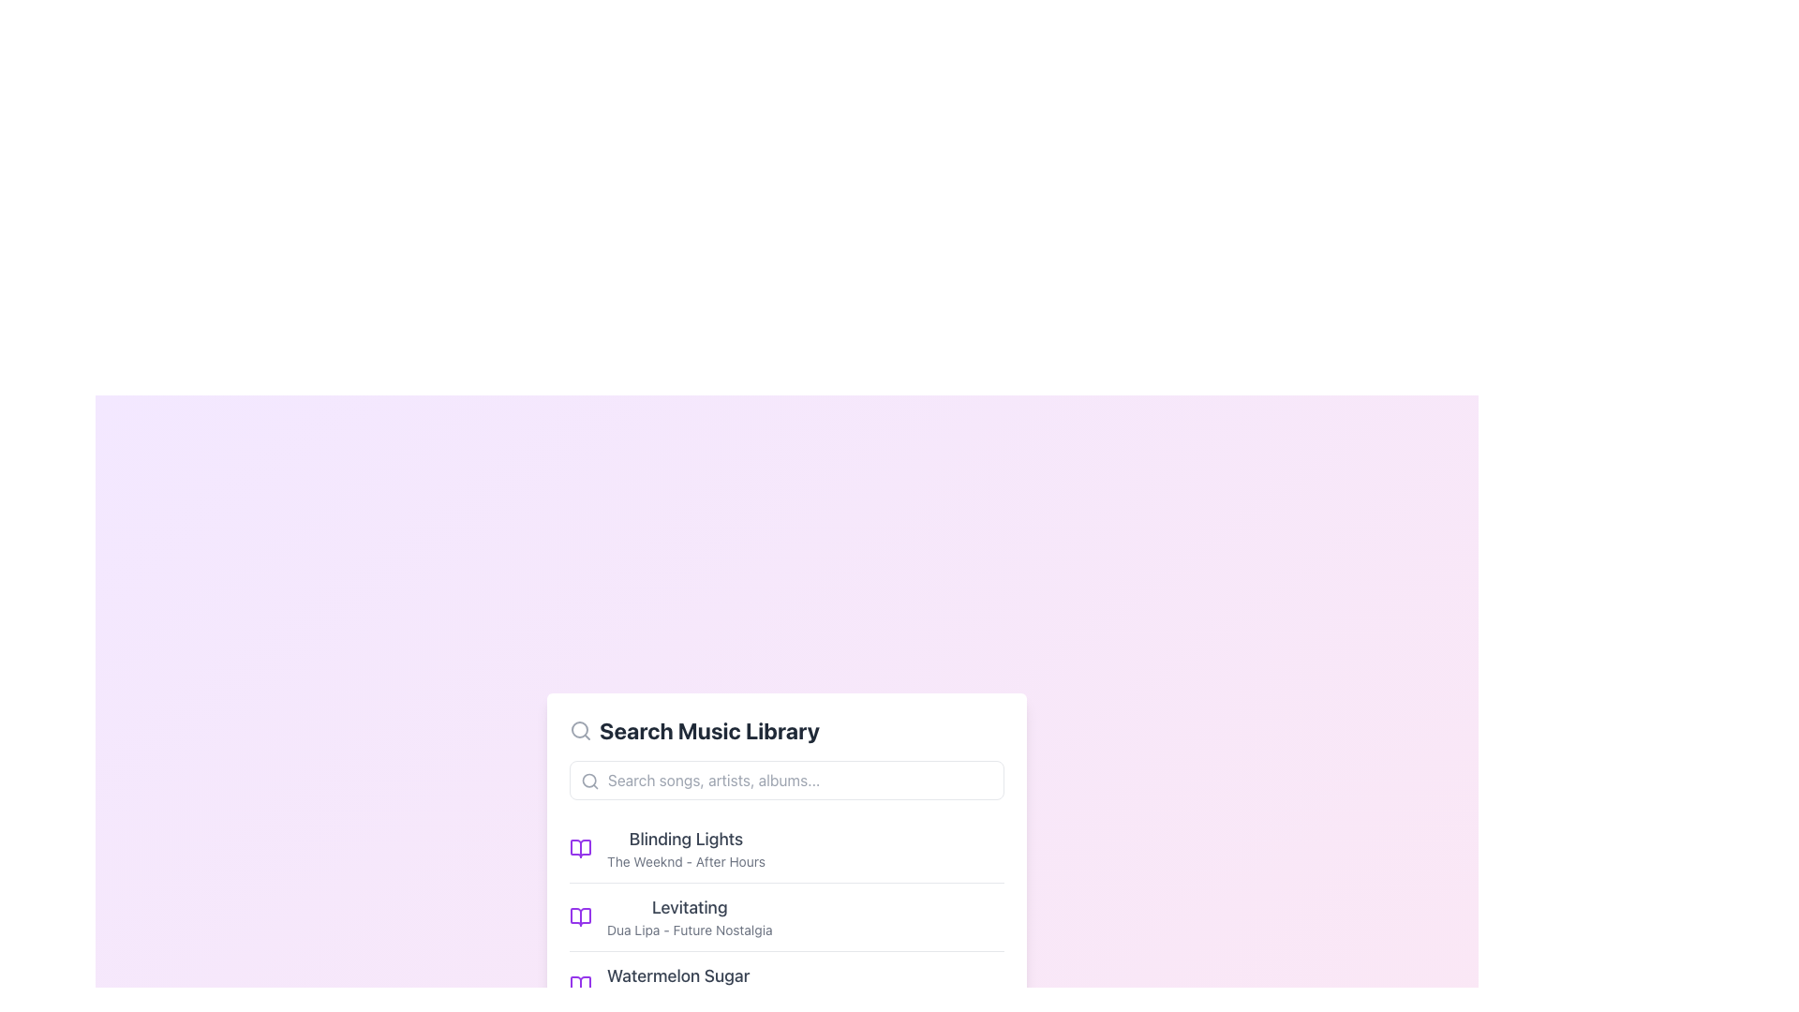  What do you see at coordinates (579, 983) in the screenshot?
I see `the styling of the open book icon, which is purple and has a minimalist outline, located to the left of the song text 'Watermelon Sugar Harry Styles - Fine Line'` at bounding box center [579, 983].